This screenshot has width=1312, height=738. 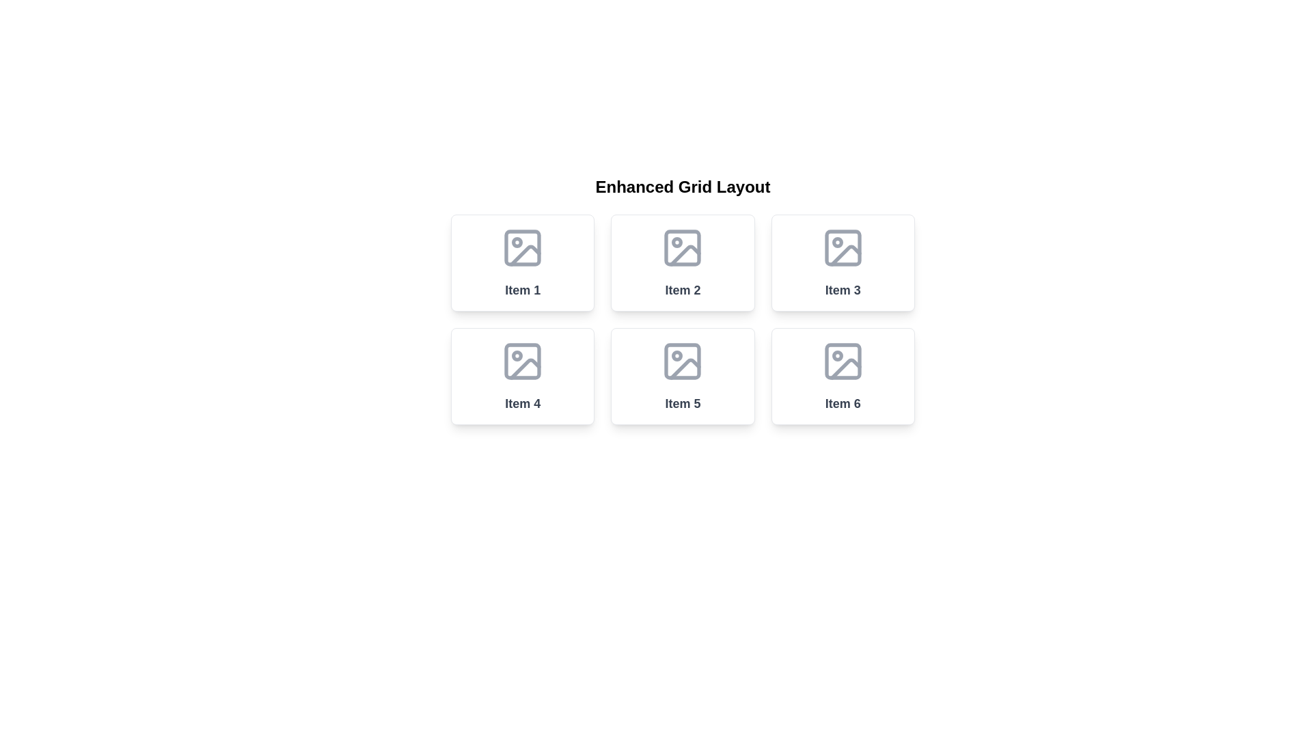 What do you see at coordinates (683, 360) in the screenshot?
I see `the icon representing 'Item 5' button, located at the center of the button in the second row, second column of a 2x3 grid layout` at bounding box center [683, 360].